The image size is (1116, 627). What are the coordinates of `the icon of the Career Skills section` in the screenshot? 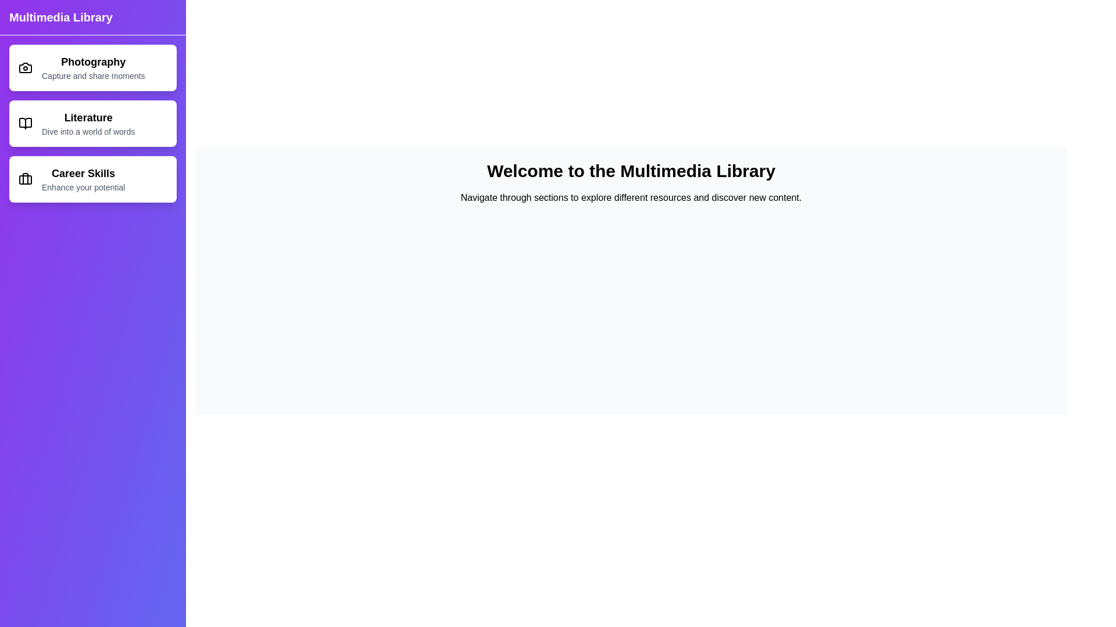 It's located at (25, 179).